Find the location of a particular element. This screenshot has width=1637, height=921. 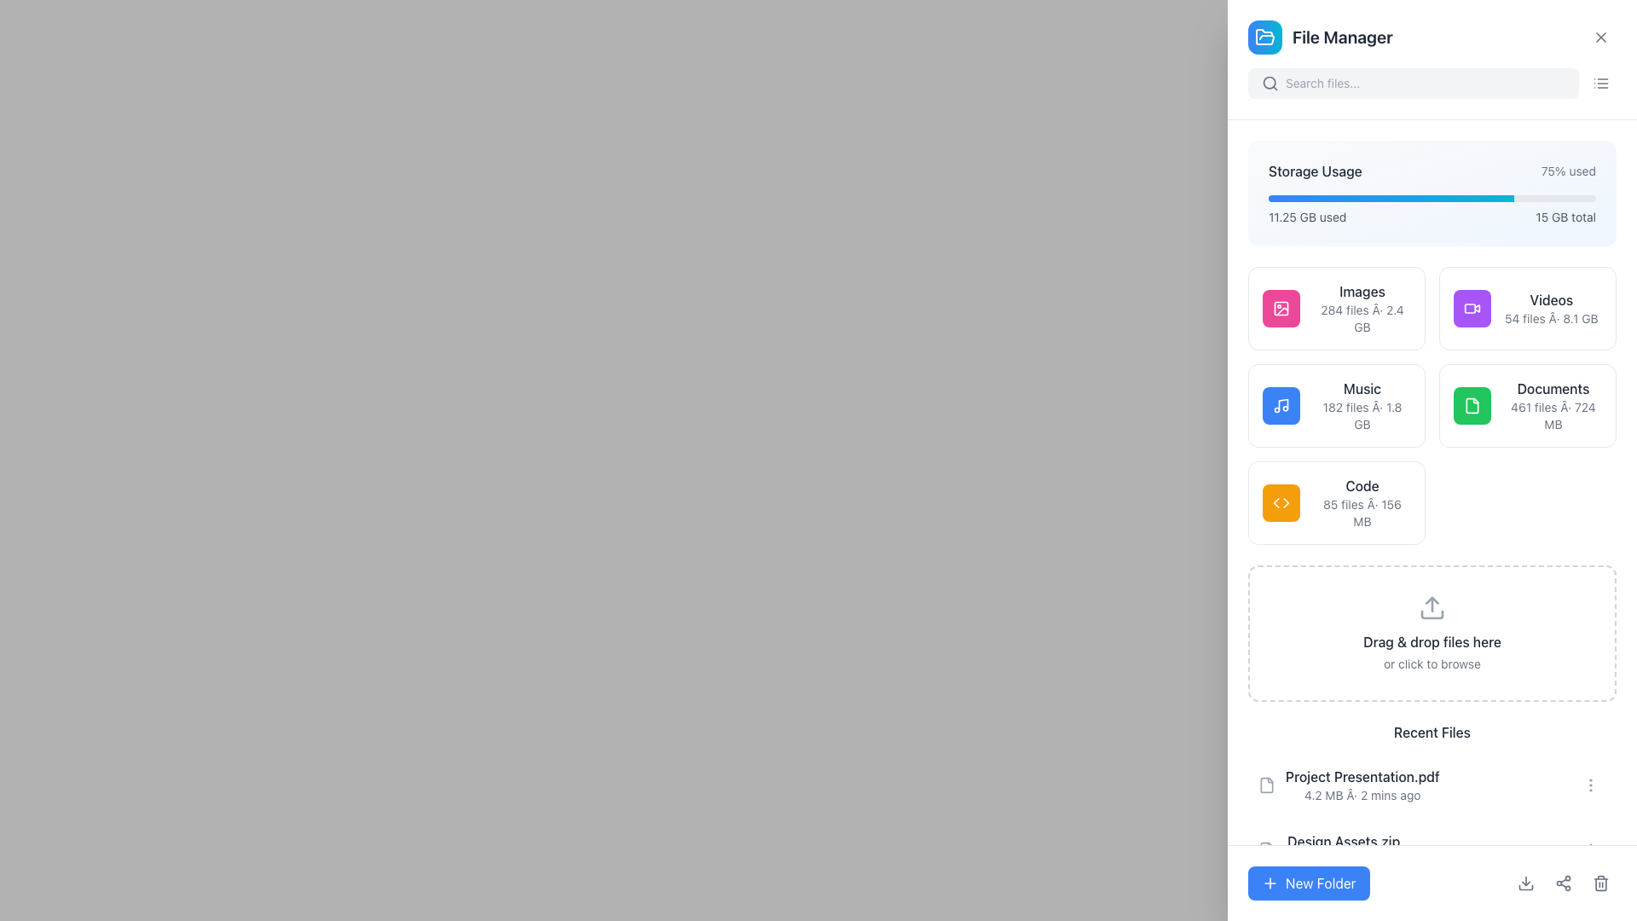

the square button with a pink background and a white image icon, located in the top-left corner of the grid under 'Storage Usage' is located at coordinates (1281, 309).